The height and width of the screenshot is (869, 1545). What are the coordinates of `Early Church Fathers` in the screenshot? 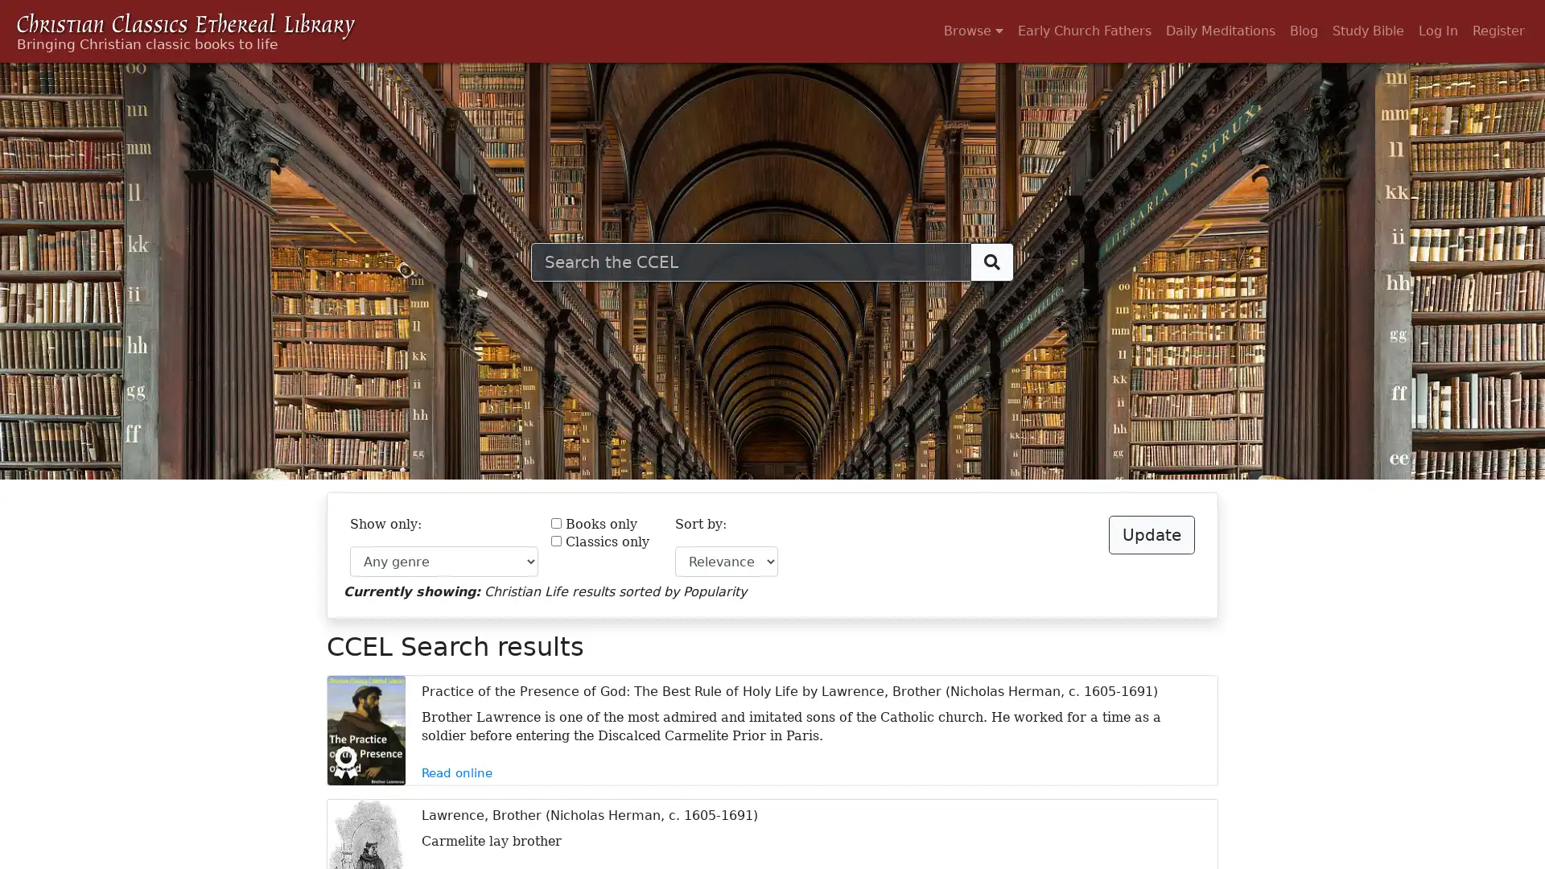 It's located at (1085, 31).